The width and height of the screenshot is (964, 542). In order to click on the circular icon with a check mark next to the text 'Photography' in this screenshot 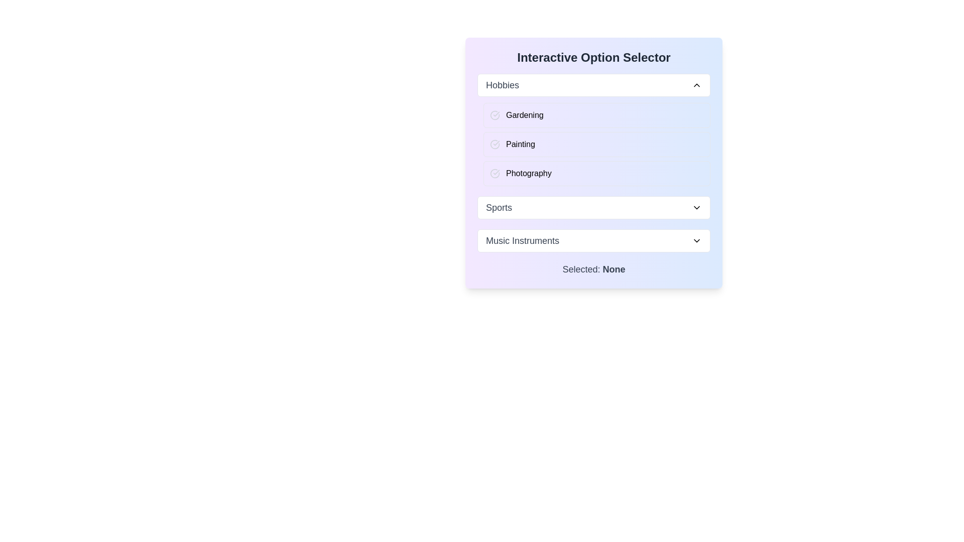, I will do `click(495, 173)`.